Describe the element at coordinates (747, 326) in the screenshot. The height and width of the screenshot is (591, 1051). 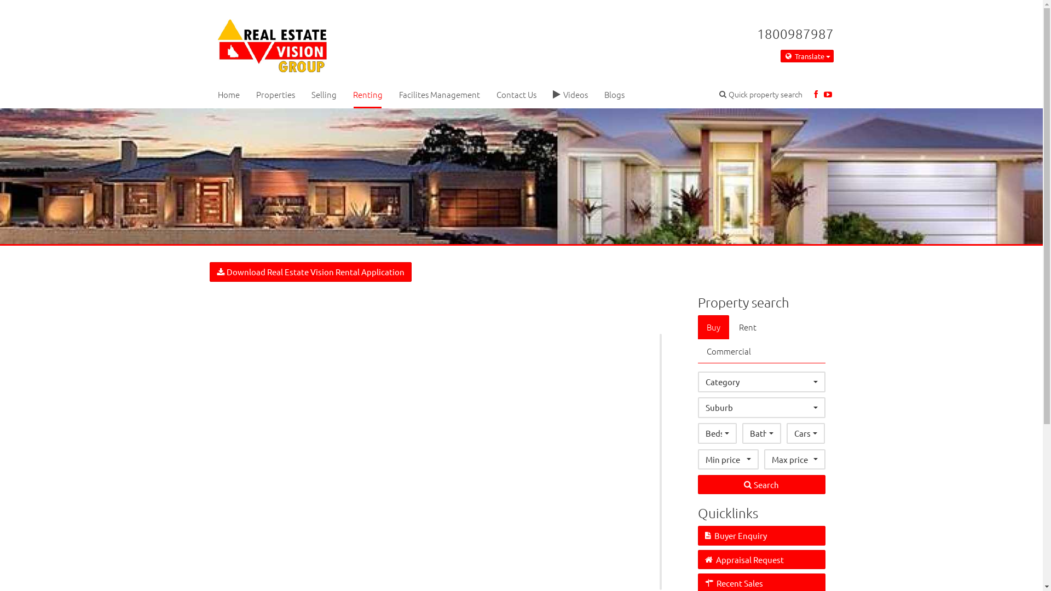
I see `'Rent'` at that location.